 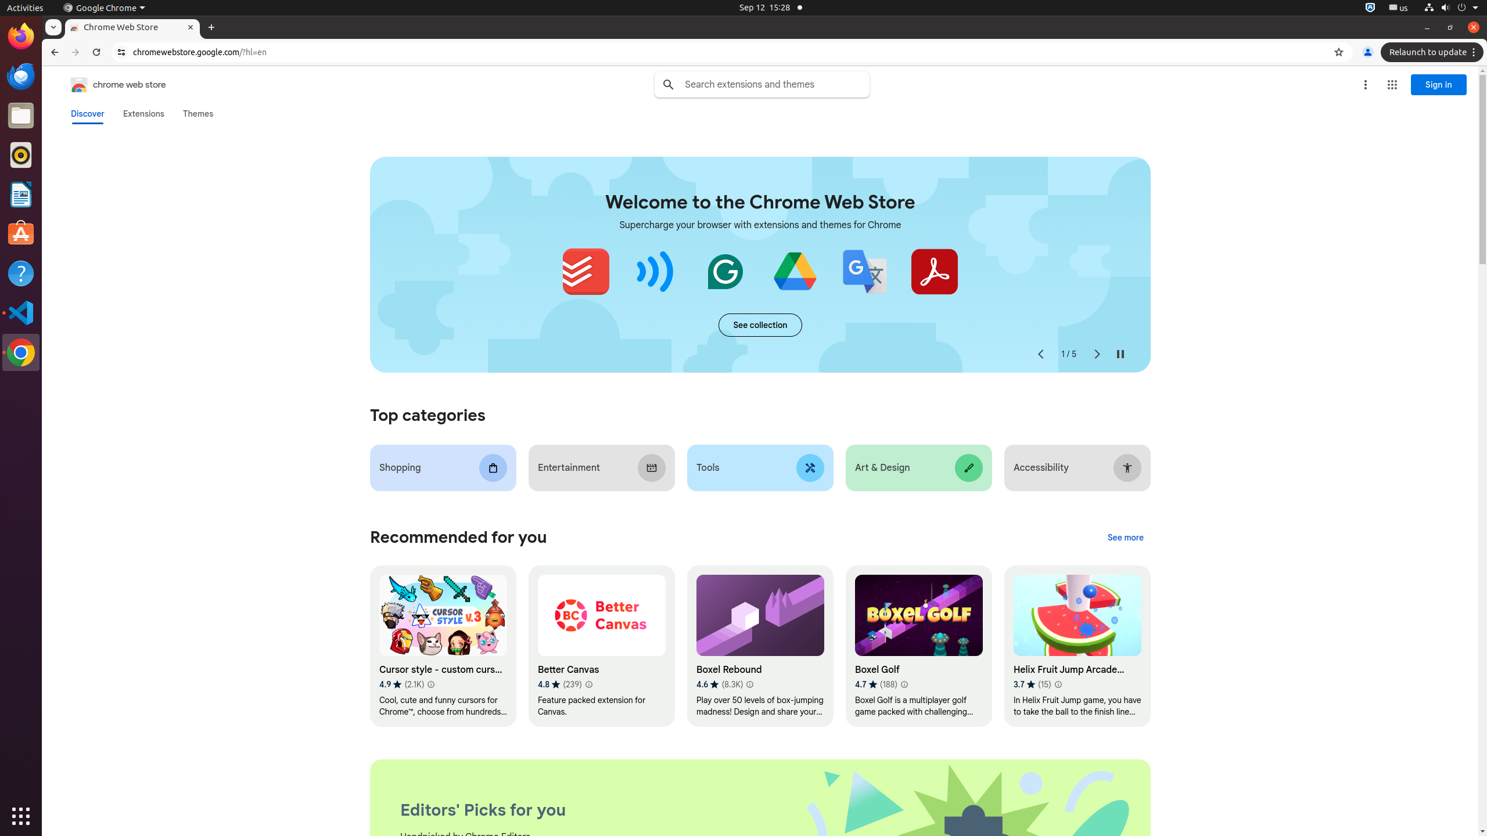 I want to click on 'Chrome Web Store logo chrome web store', so click(x=106, y=84).